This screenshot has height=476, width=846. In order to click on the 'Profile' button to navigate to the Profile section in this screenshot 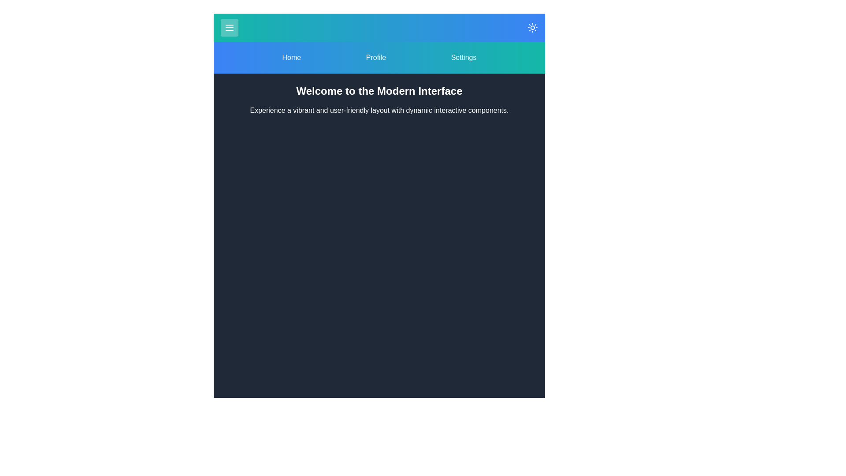, I will do `click(376, 58)`.